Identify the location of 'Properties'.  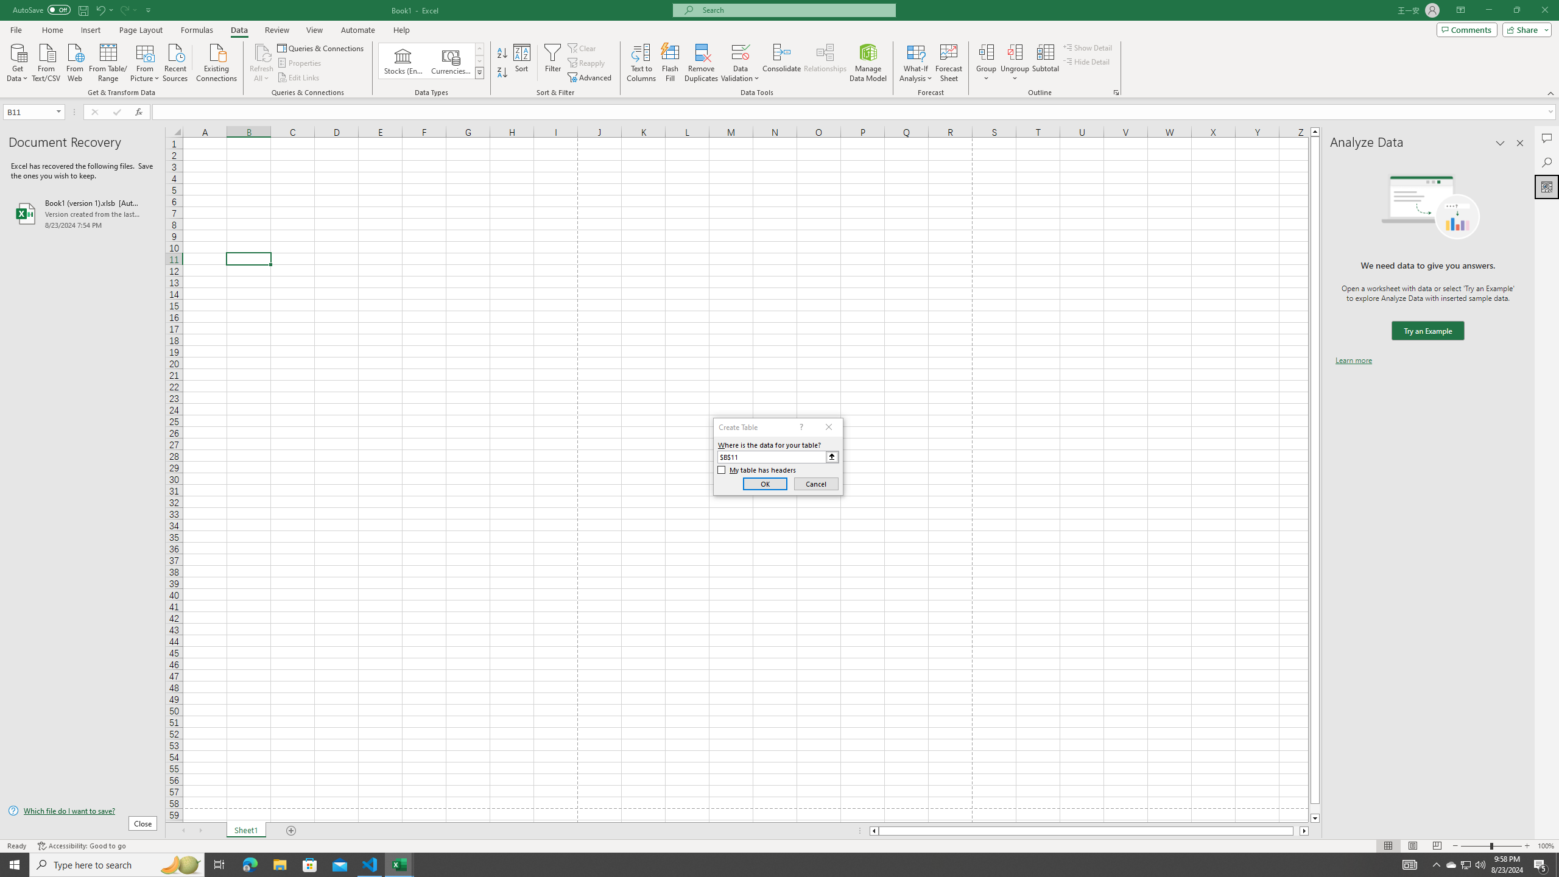
(300, 63).